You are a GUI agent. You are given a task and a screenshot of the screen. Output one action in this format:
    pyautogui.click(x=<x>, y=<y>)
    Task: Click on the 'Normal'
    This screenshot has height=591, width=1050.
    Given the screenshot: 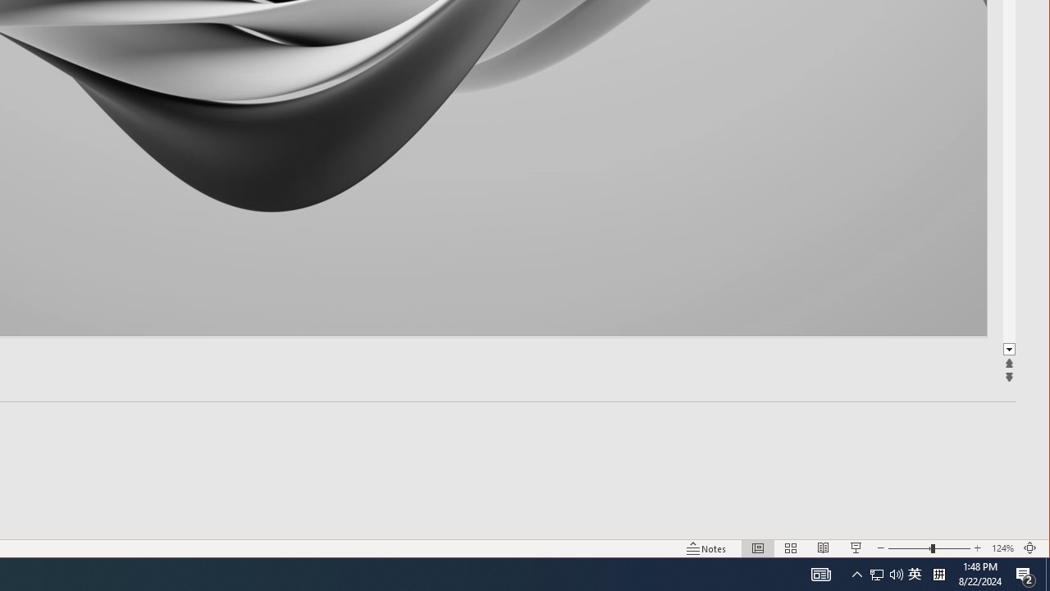 What is the action you would take?
    pyautogui.click(x=757, y=548)
    